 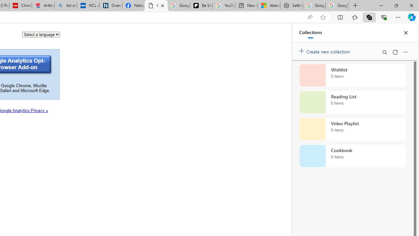 I want to click on 'Cookbook collection, 0 items', so click(x=352, y=156).